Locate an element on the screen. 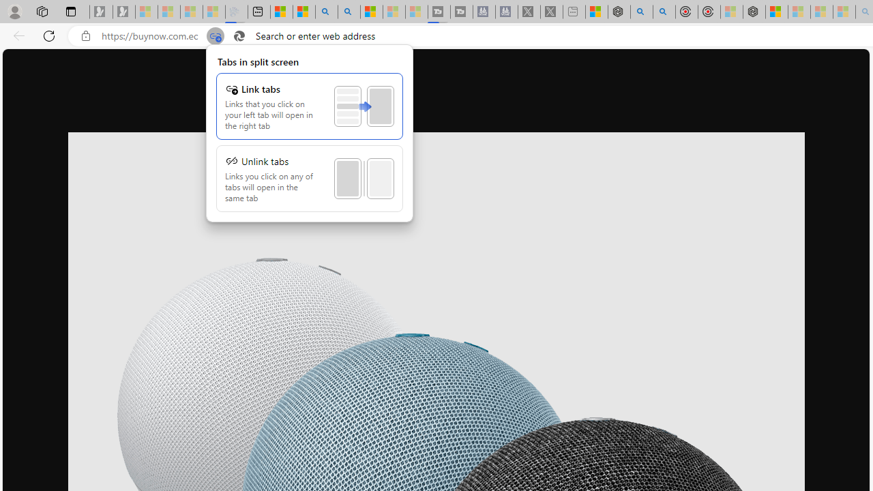 The height and width of the screenshot is (491, 873). 'Class: SplitWindowMenuLinkPanelView' is located at coordinates (309, 133).